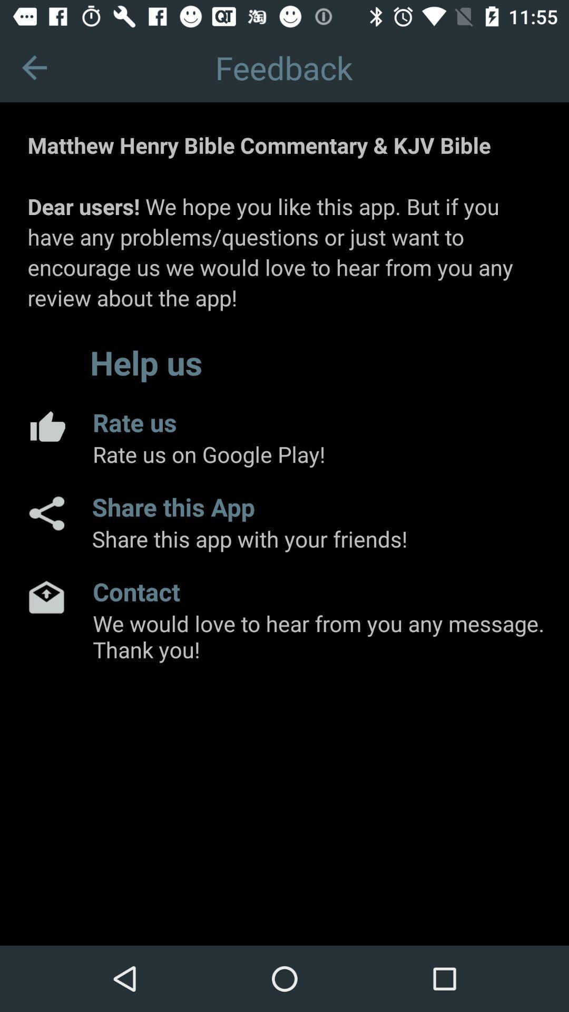 This screenshot has width=569, height=1012. Describe the element at coordinates (45, 513) in the screenshot. I see `the icon to the left of the share this app` at that location.